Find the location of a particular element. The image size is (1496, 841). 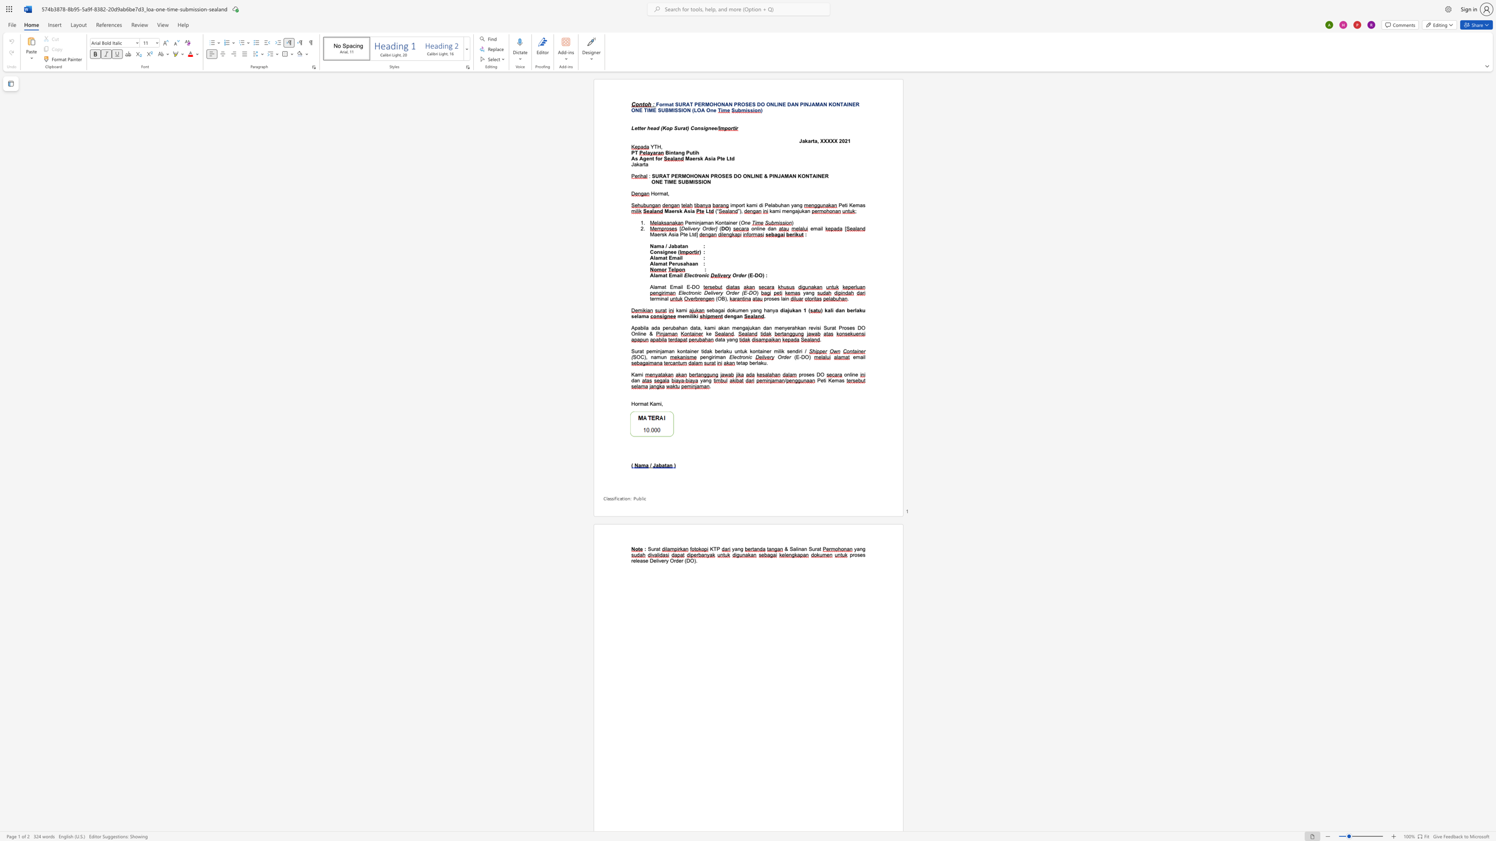

the subset text "t Emai" within the text "Alamat Email E-DO" is located at coordinates (664, 287).